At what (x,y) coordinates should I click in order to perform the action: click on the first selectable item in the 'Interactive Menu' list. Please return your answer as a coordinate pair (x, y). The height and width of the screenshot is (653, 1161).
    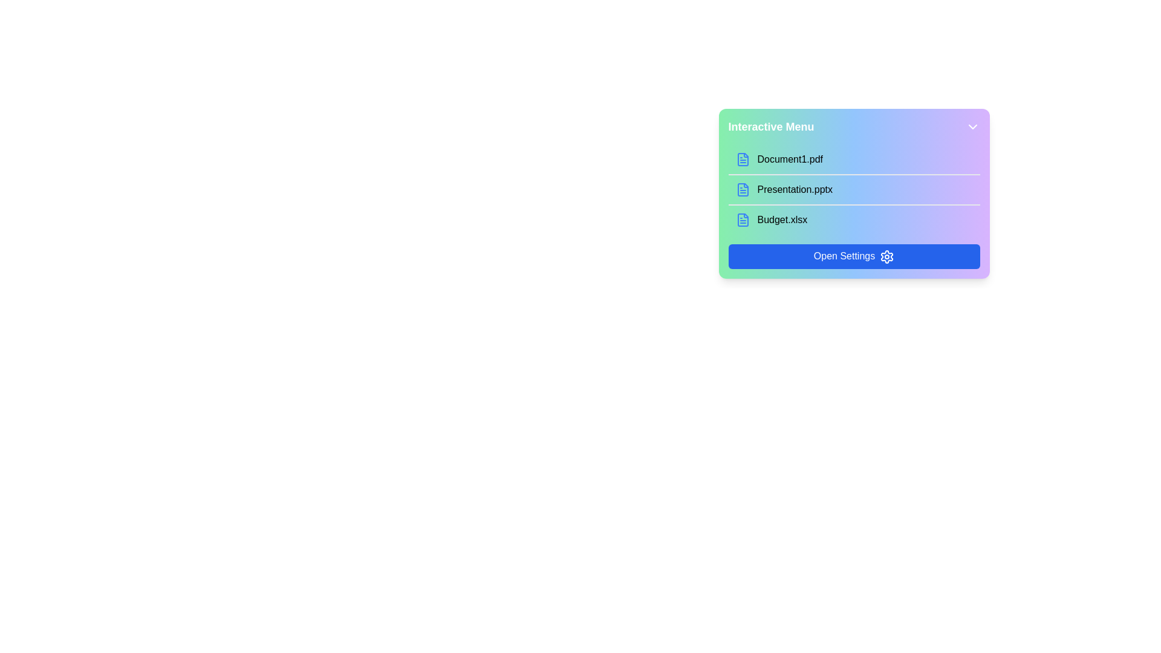
    Looking at the image, I should click on (853, 158).